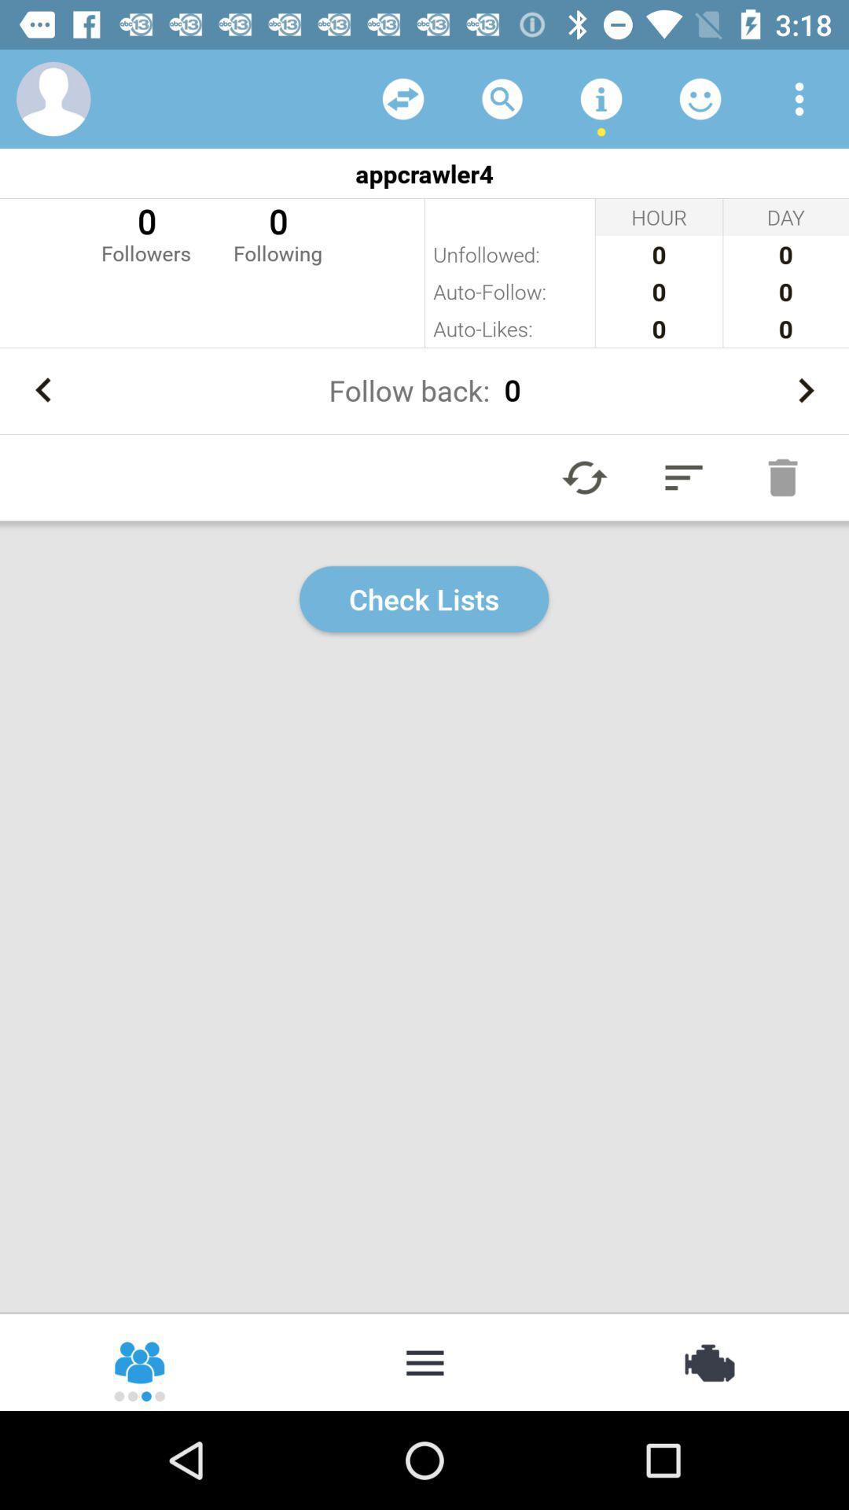 The height and width of the screenshot is (1510, 849). Describe the element at coordinates (585, 477) in the screenshot. I see `the refresh icon` at that location.